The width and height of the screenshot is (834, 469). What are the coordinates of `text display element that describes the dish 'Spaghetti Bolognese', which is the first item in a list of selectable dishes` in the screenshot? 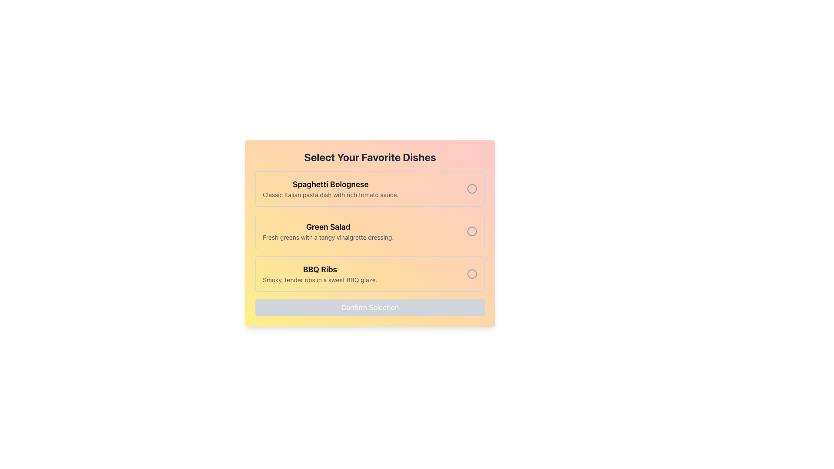 It's located at (330, 188).